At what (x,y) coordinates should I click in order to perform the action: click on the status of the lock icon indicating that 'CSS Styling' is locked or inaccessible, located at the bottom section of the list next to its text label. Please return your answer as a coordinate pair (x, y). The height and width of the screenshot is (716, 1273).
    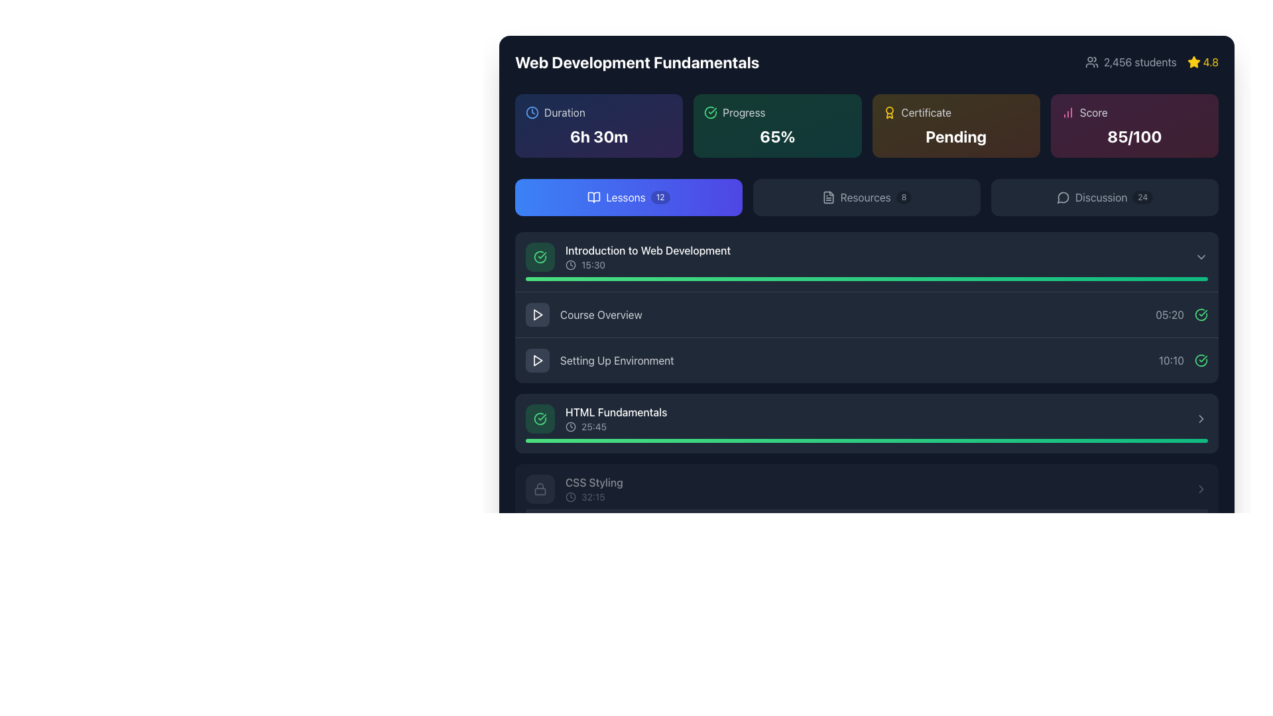
    Looking at the image, I should click on (540, 489).